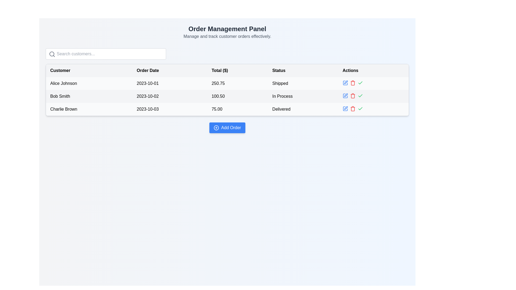 This screenshot has height=290, width=516. What do you see at coordinates (227, 109) in the screenshot?
I see `the third row in the table displaying 'Charlie Brown', '2023-10-03', '75.00', and 'Delivered' for further operations` at bounding box center [227, 109].